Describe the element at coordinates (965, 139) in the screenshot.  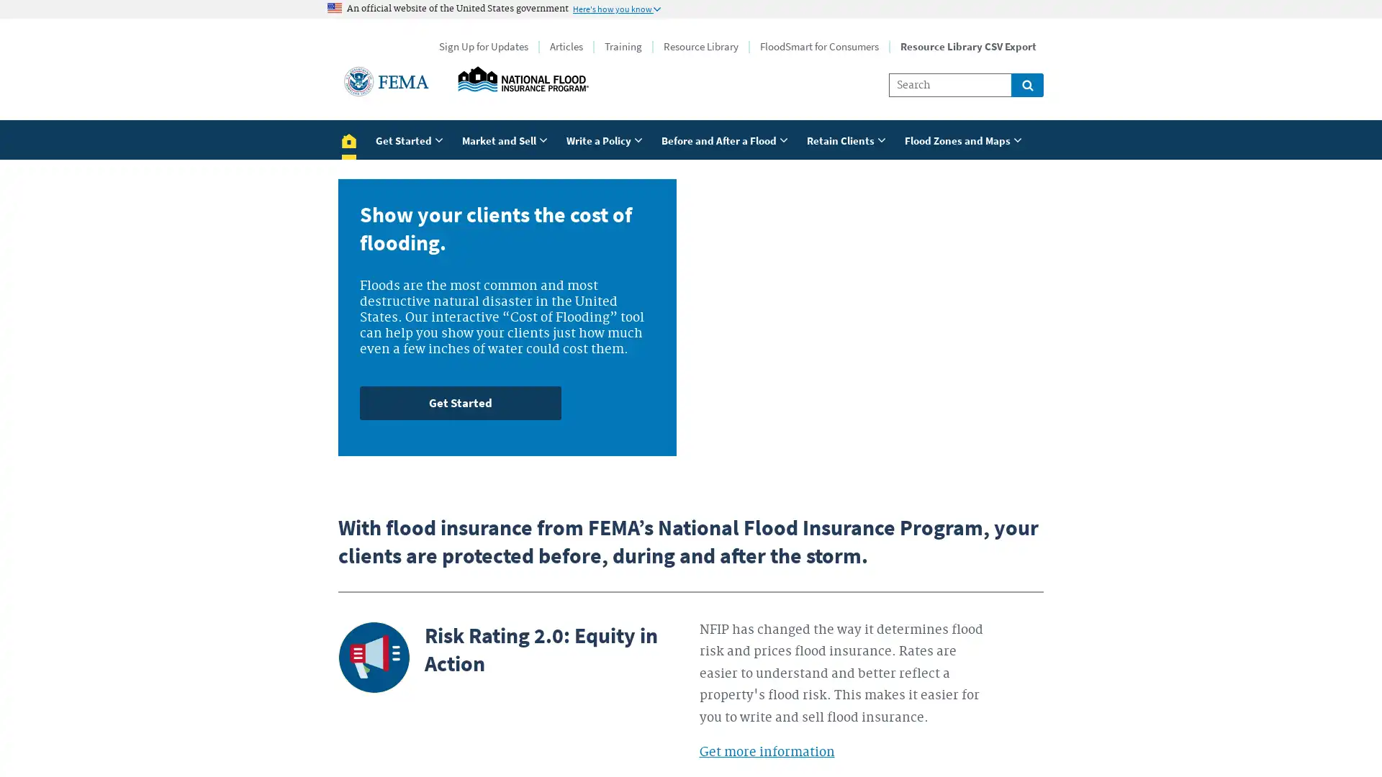
I see `Use <enter> and shift + <enter> to open and close the drop down to sub-menus` at that location.